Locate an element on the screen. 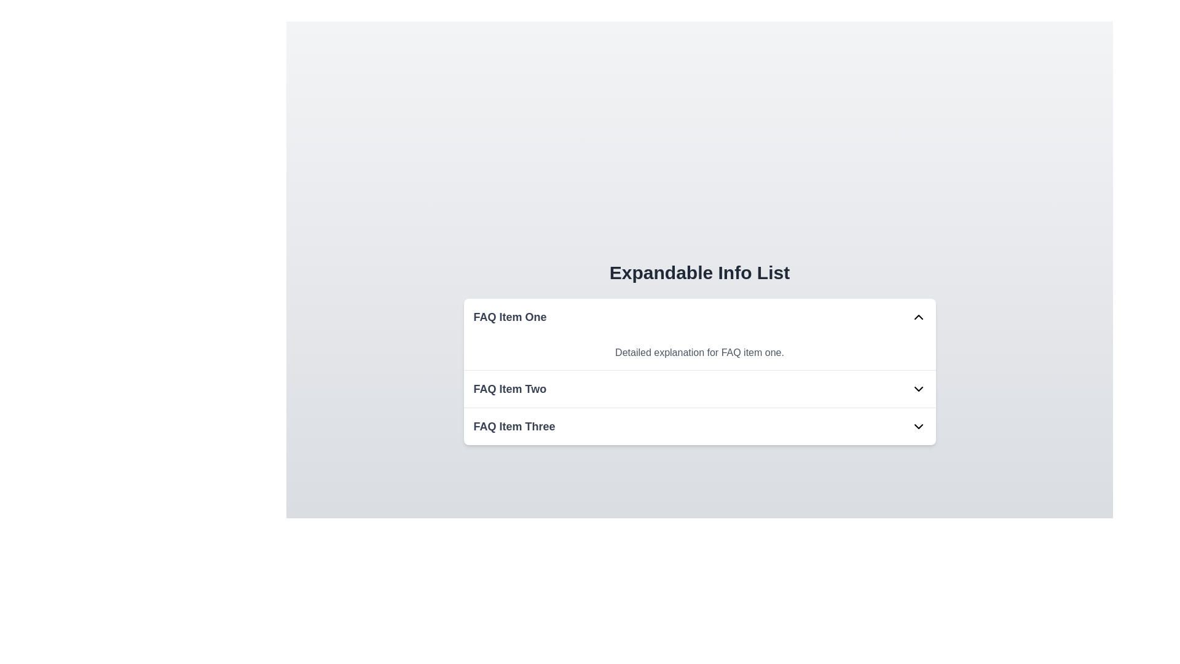 The height and width of the screenshot is (664, 1180). text content of the title label for the third item in the 'Expandable Info List', which is located to the left of an arrow icon is located at coordinates (514, 426).